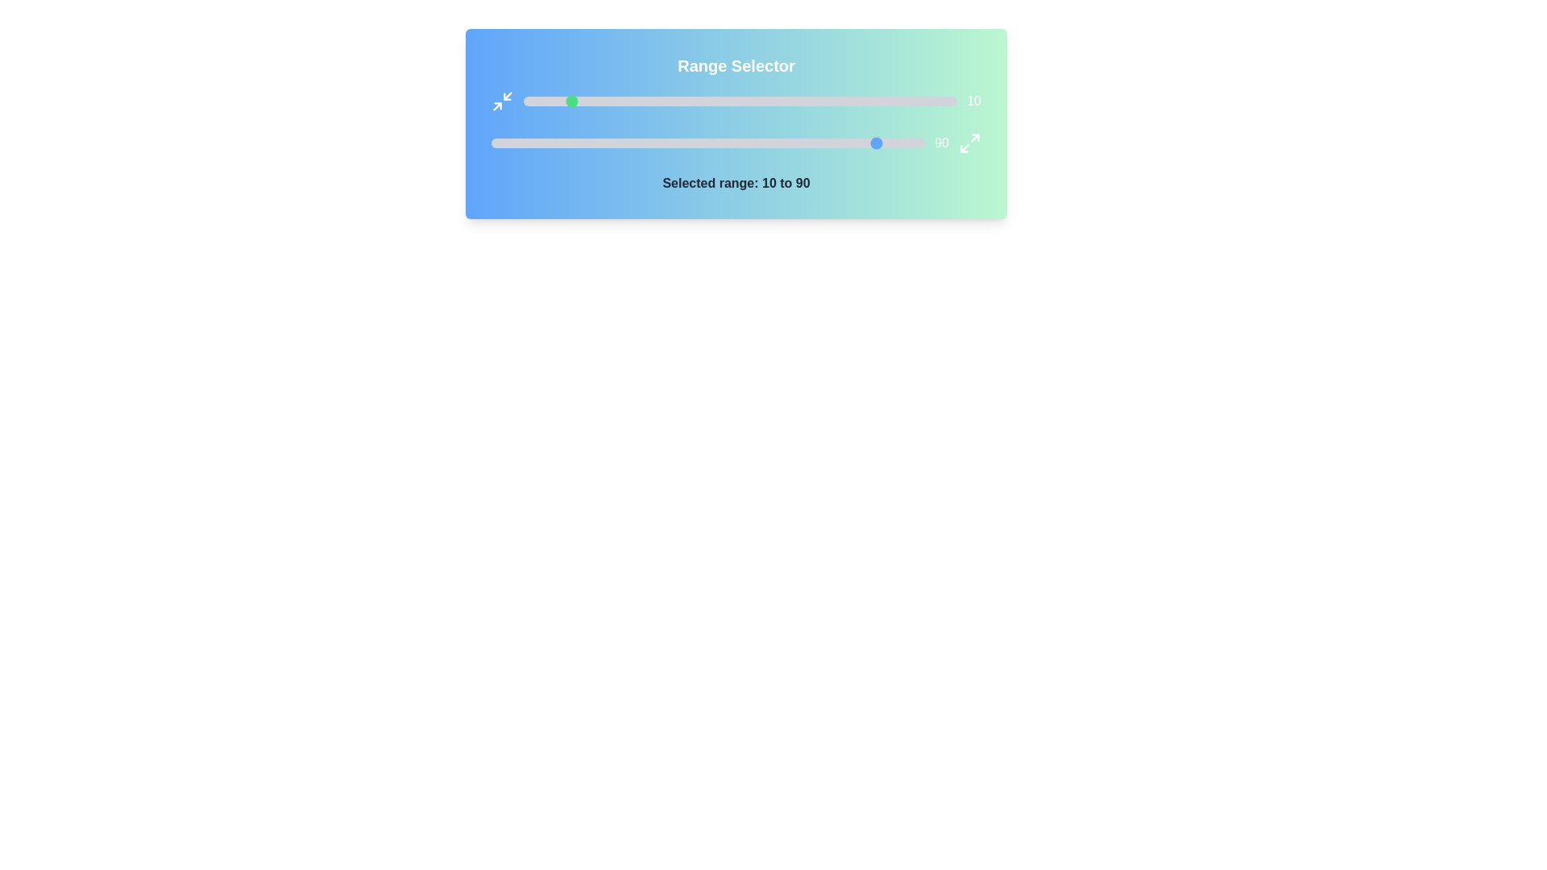 The height and width of the screenshot is (870, 1547). Describe the element at coordinates (827, 101) in the screenshot. I see `the slider value` at that location.